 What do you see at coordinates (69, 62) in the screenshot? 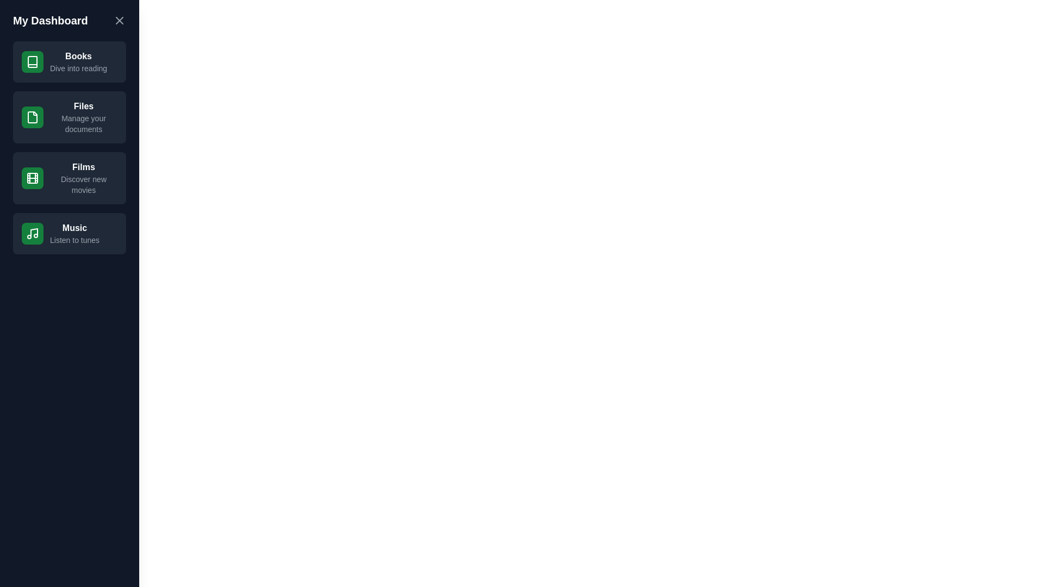
I see `the 'Books' section item in the drawer` at bounding box center [69, 62].